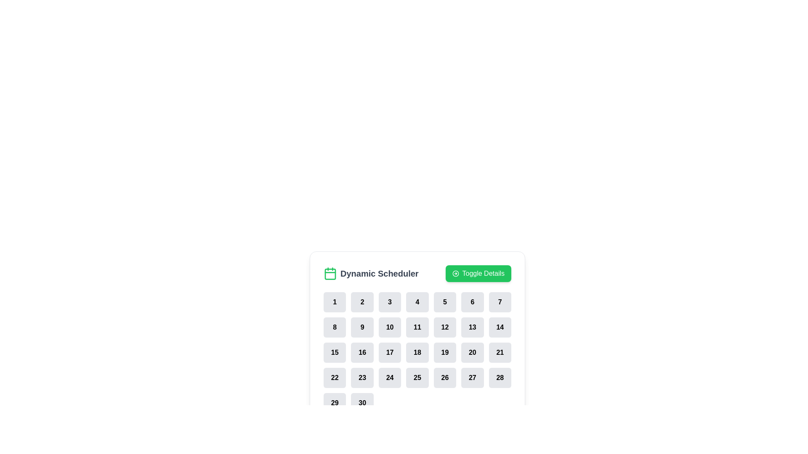 The image size is (808, 454). Describe the element at coordinates (417, 353) in the screenshot. I see `the square button with rounded corners displaying the number '18' to change its appearance from light gray to green` at that location.